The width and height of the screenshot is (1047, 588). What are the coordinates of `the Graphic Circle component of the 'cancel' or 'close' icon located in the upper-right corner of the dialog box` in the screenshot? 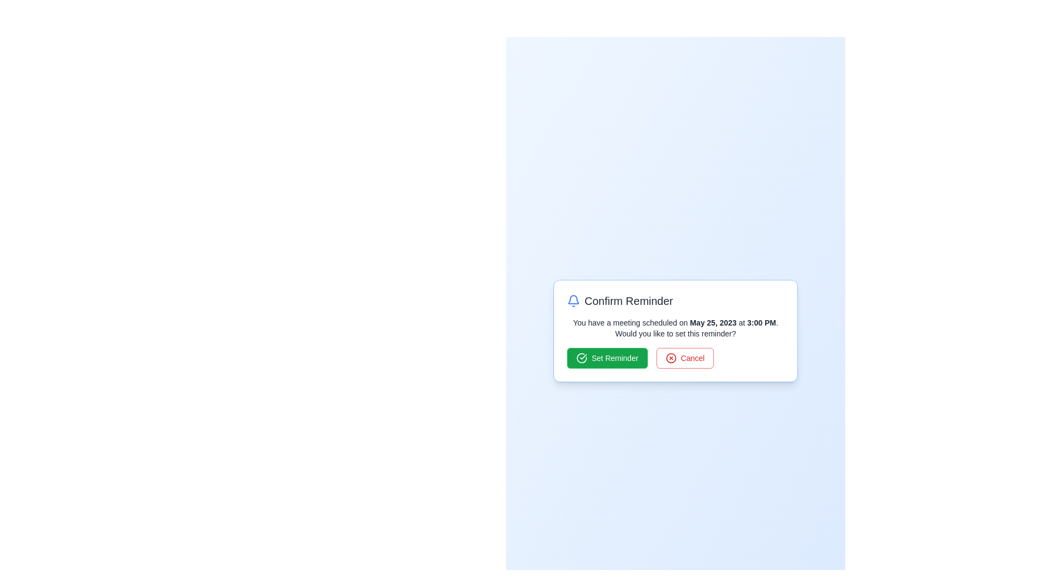 It's located at (670, 358).